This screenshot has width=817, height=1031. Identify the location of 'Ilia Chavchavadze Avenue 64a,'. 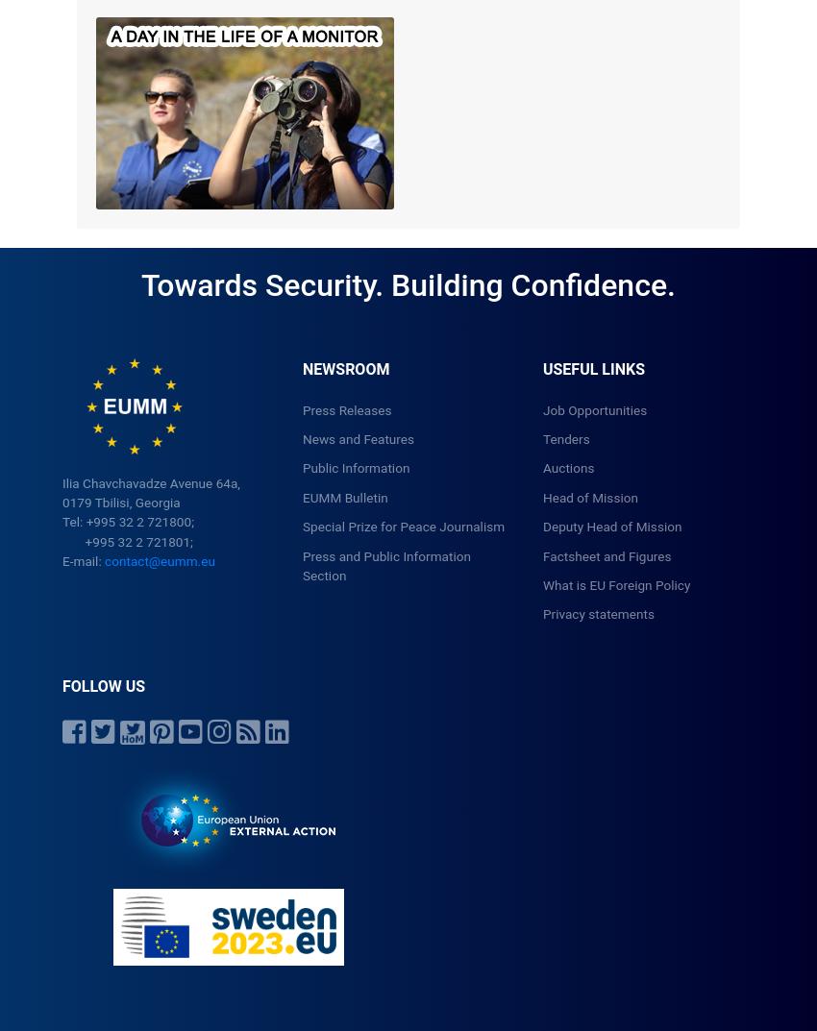
(151, 480).